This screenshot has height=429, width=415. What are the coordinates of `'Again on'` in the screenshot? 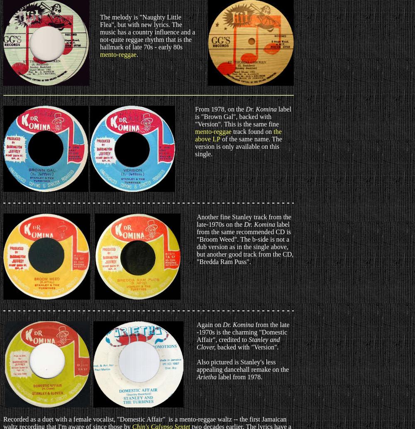 It's located at (210, 324).